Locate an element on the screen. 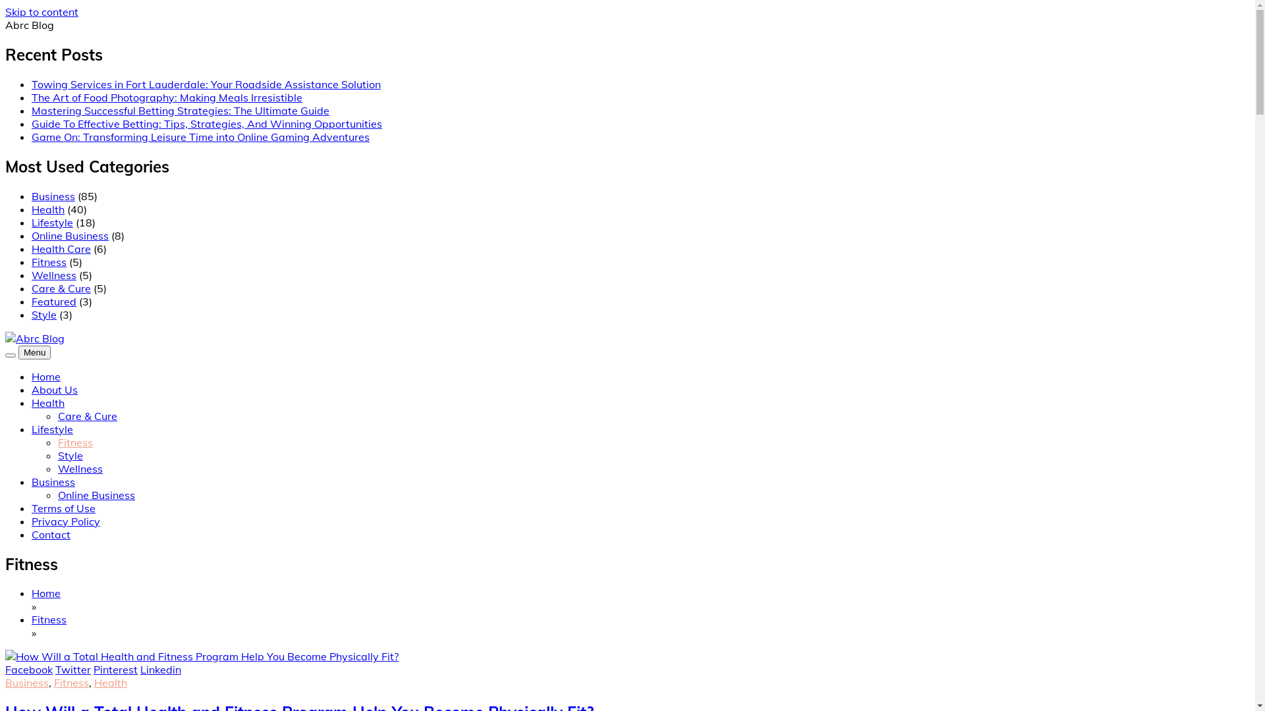  'Lifestyle' is located at coordinates (52, 429).